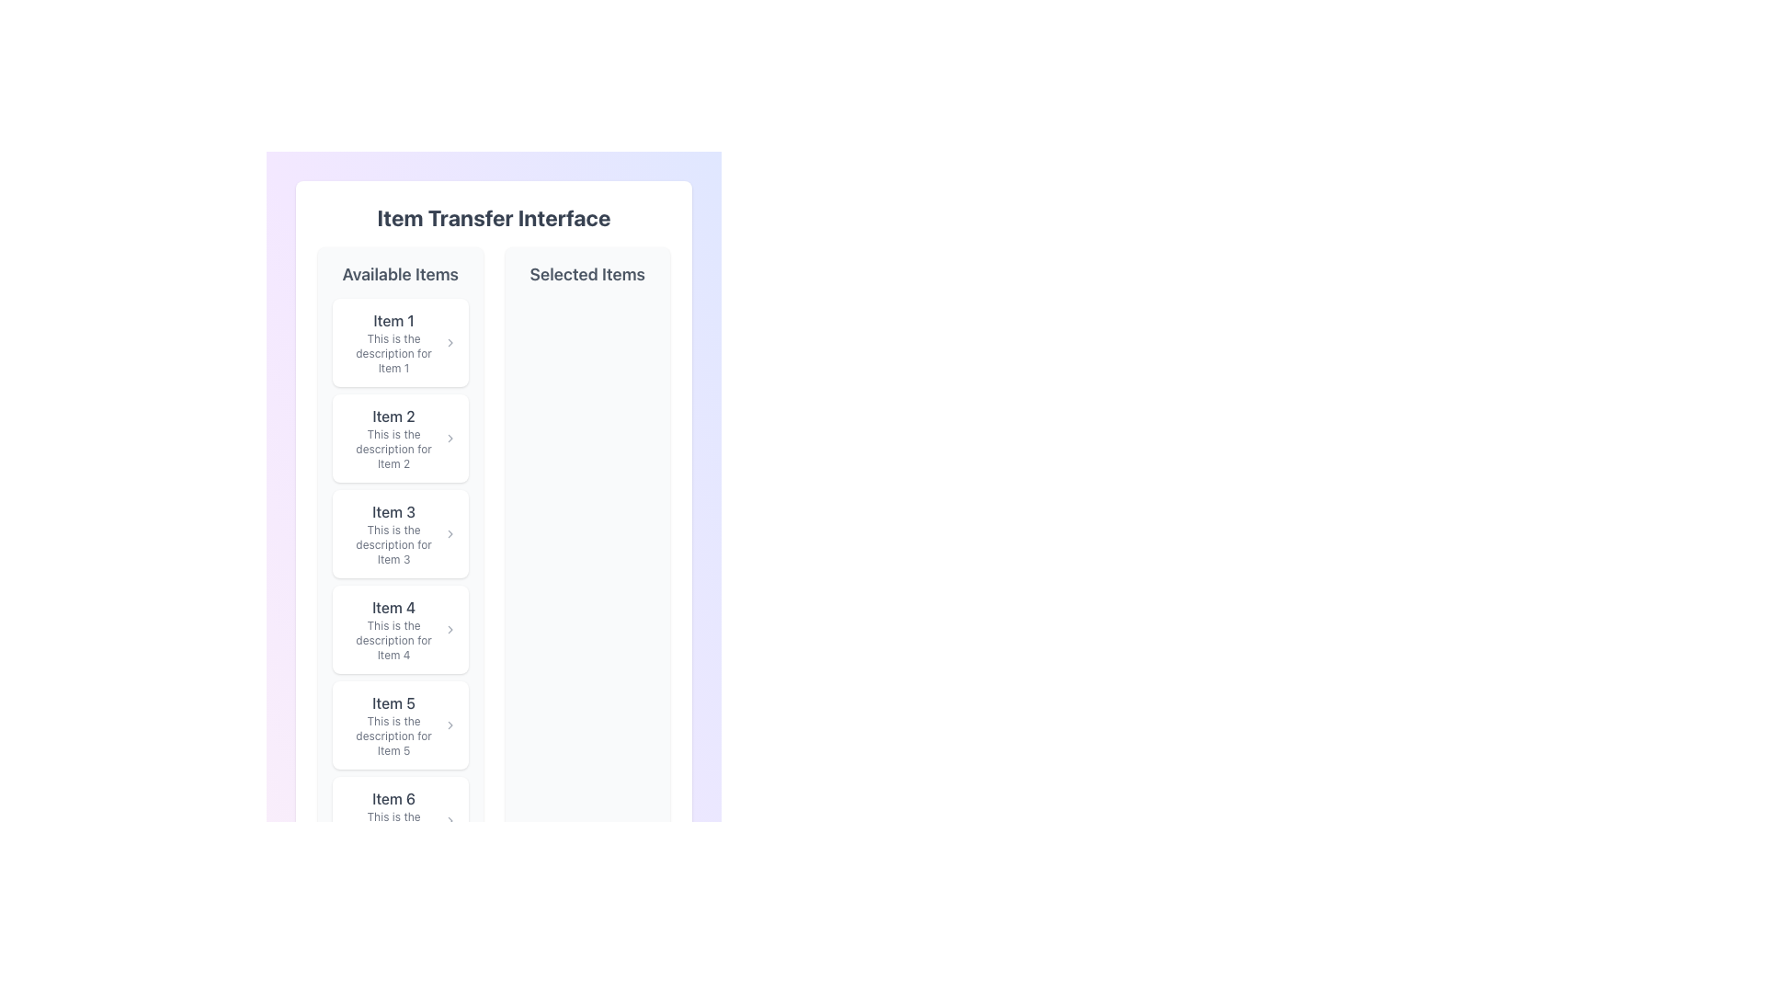 This screenshot has width=1765, height=993. I want to click on the interactive list item card for 'Item 4' located in the 'Available Items' section, which is the fourth card in a vertical list, so click(399, 629).